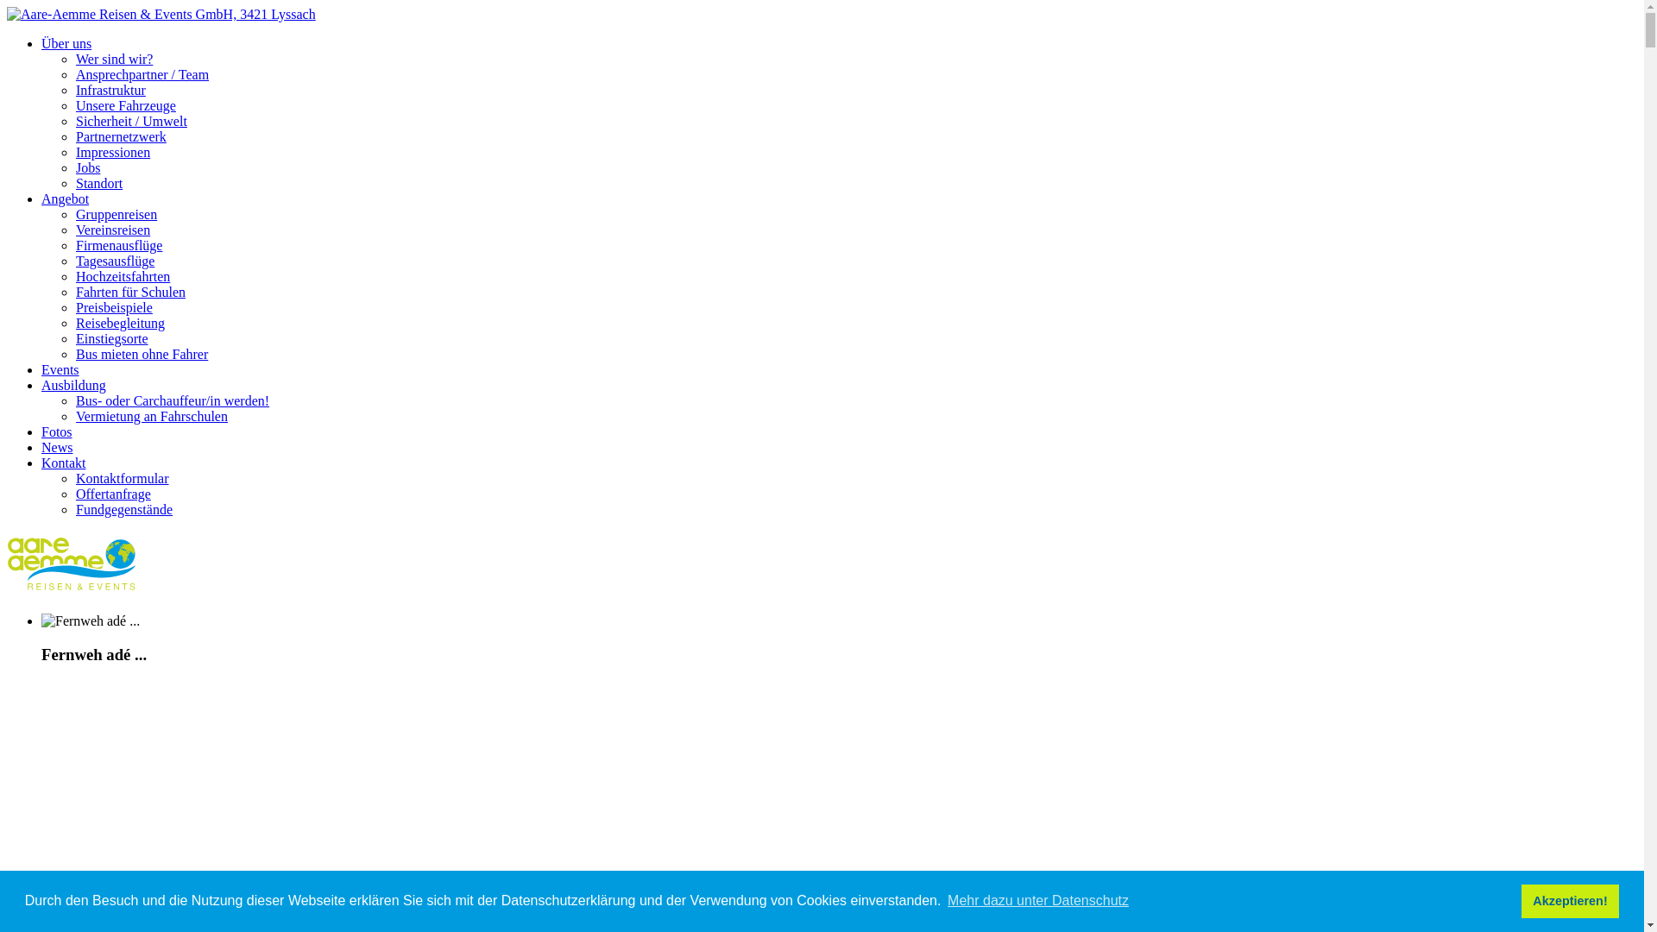  What do you see at coordinates (112, 494) in the screenshot?
I see `'Offertanfrage'` at bounding box center [112, 494].